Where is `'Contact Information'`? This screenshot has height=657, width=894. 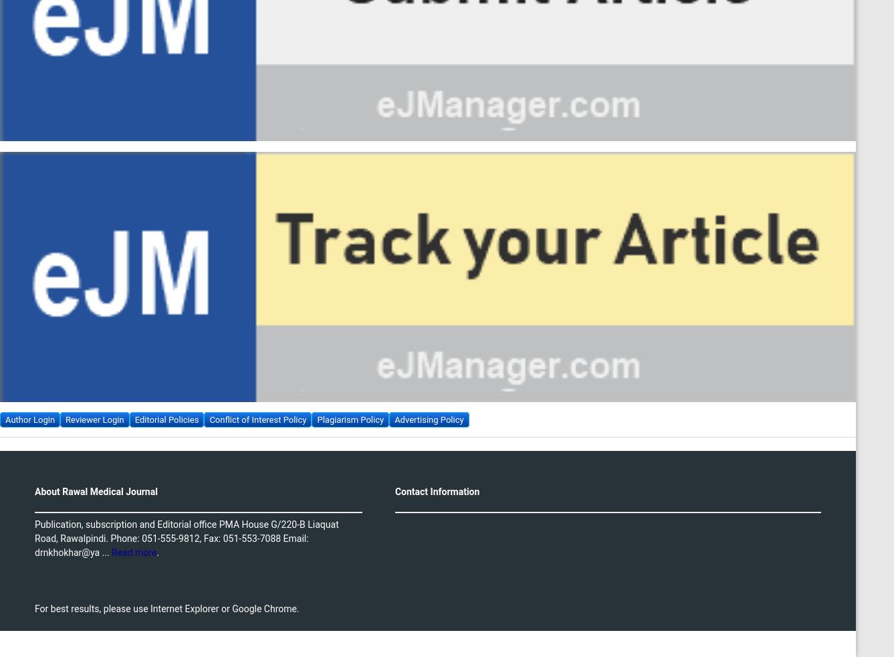
'Contact Information' is located at coordinates (437, 491).